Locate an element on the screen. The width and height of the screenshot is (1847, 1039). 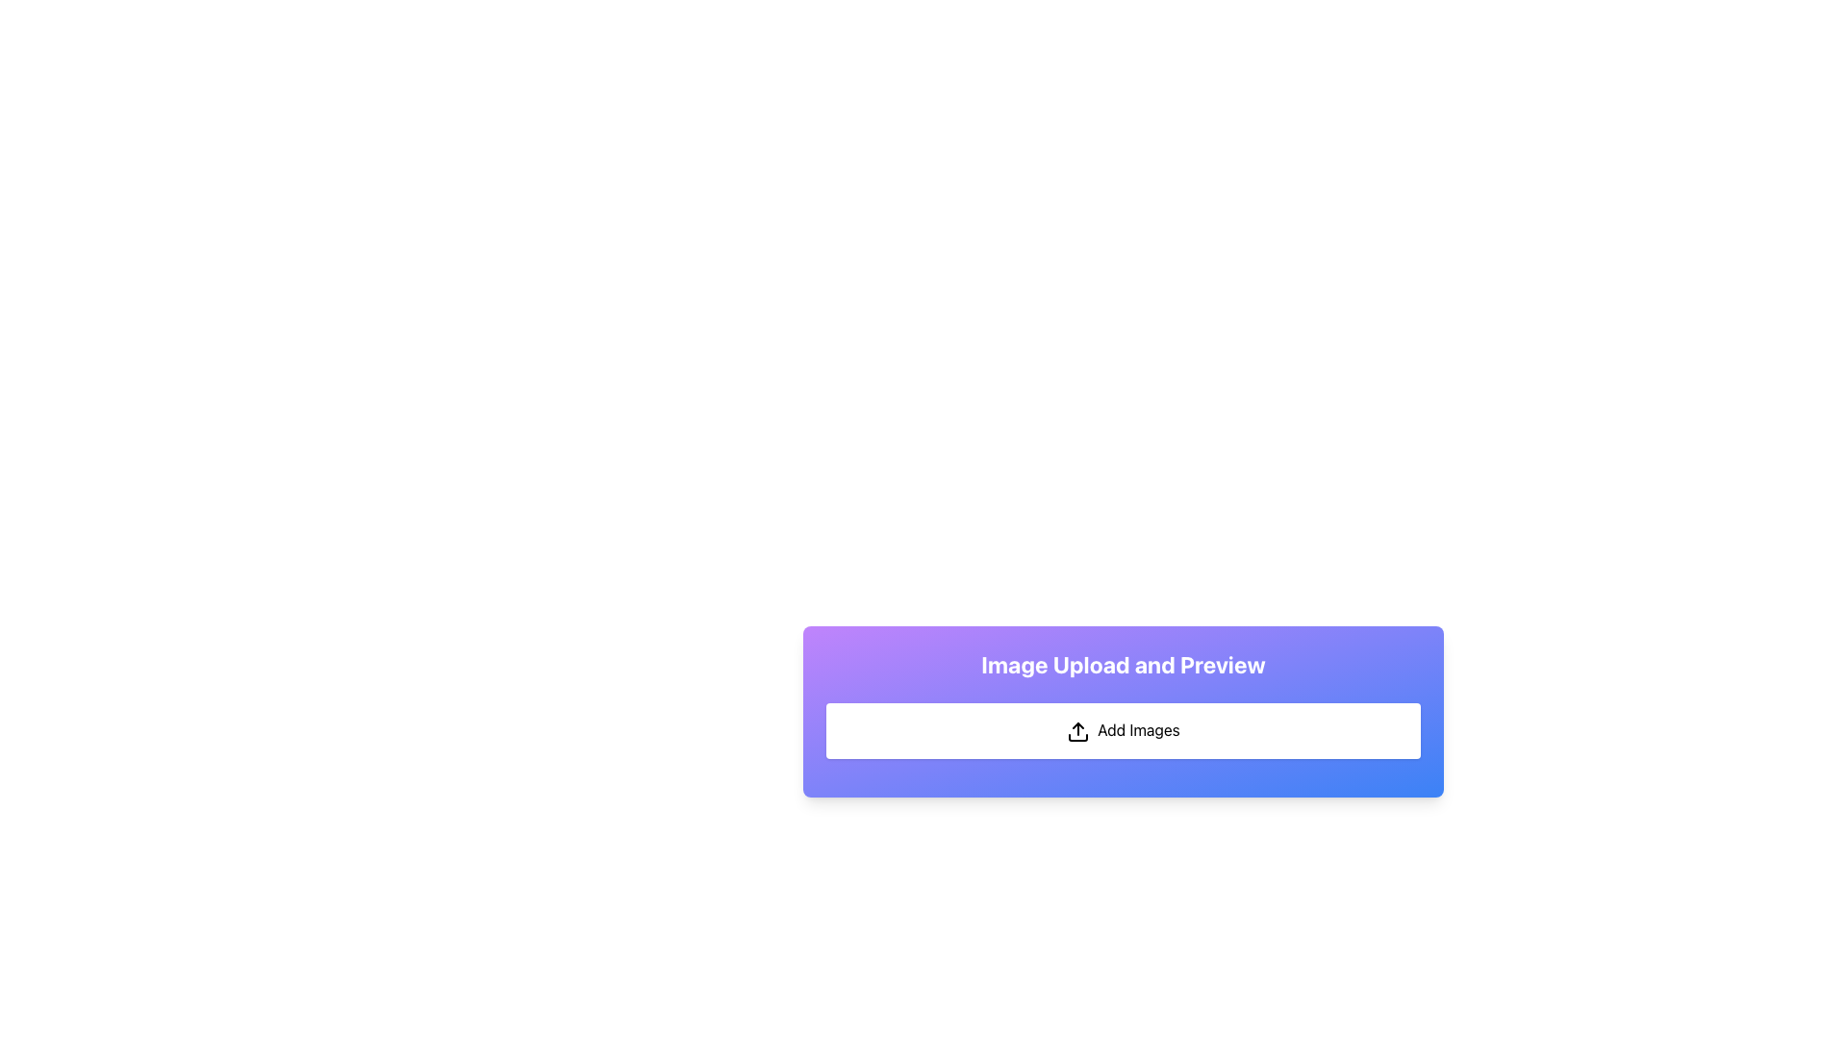
the upload icon located on the left side of the 'Add Images' button, which is part of a component designed for selecting or uploading images is located at coordinates (1078, 731).